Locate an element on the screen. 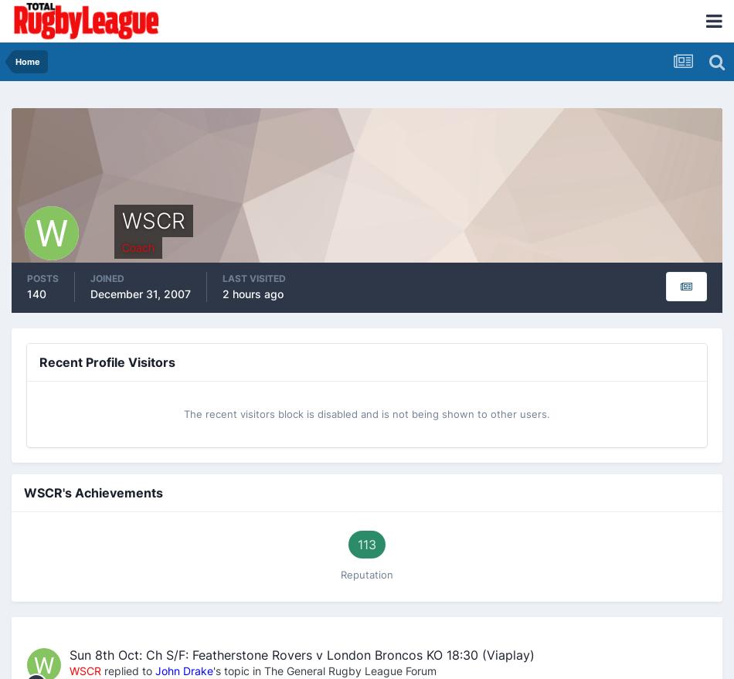 Image resolution: width=734 pixels, height=679 pixels. '140' is located at coordinates (36, 293).